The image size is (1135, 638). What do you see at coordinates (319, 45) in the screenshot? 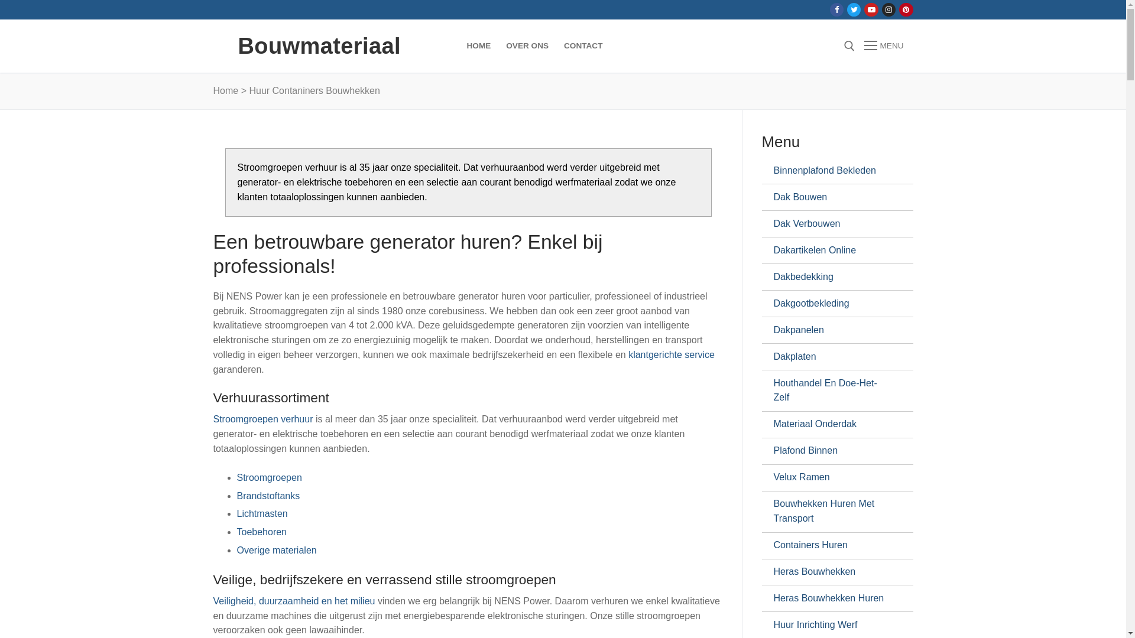
I see `'Bouwmateriaal'` at bounding box center [319, 45].